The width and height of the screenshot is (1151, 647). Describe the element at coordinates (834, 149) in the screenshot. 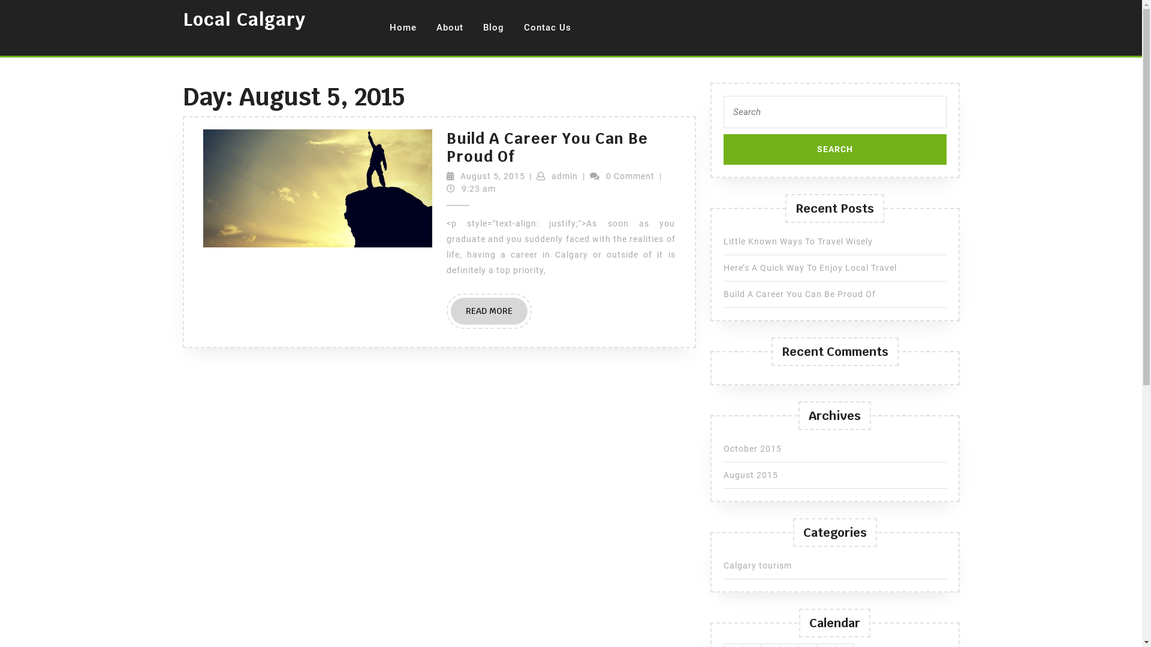

I see `'Search'` at that location.